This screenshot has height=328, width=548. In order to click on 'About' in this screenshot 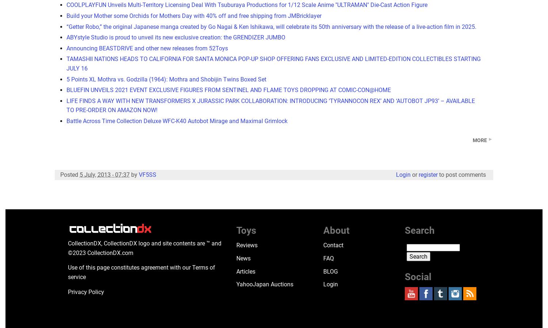, I will do `click(336, 230)`.